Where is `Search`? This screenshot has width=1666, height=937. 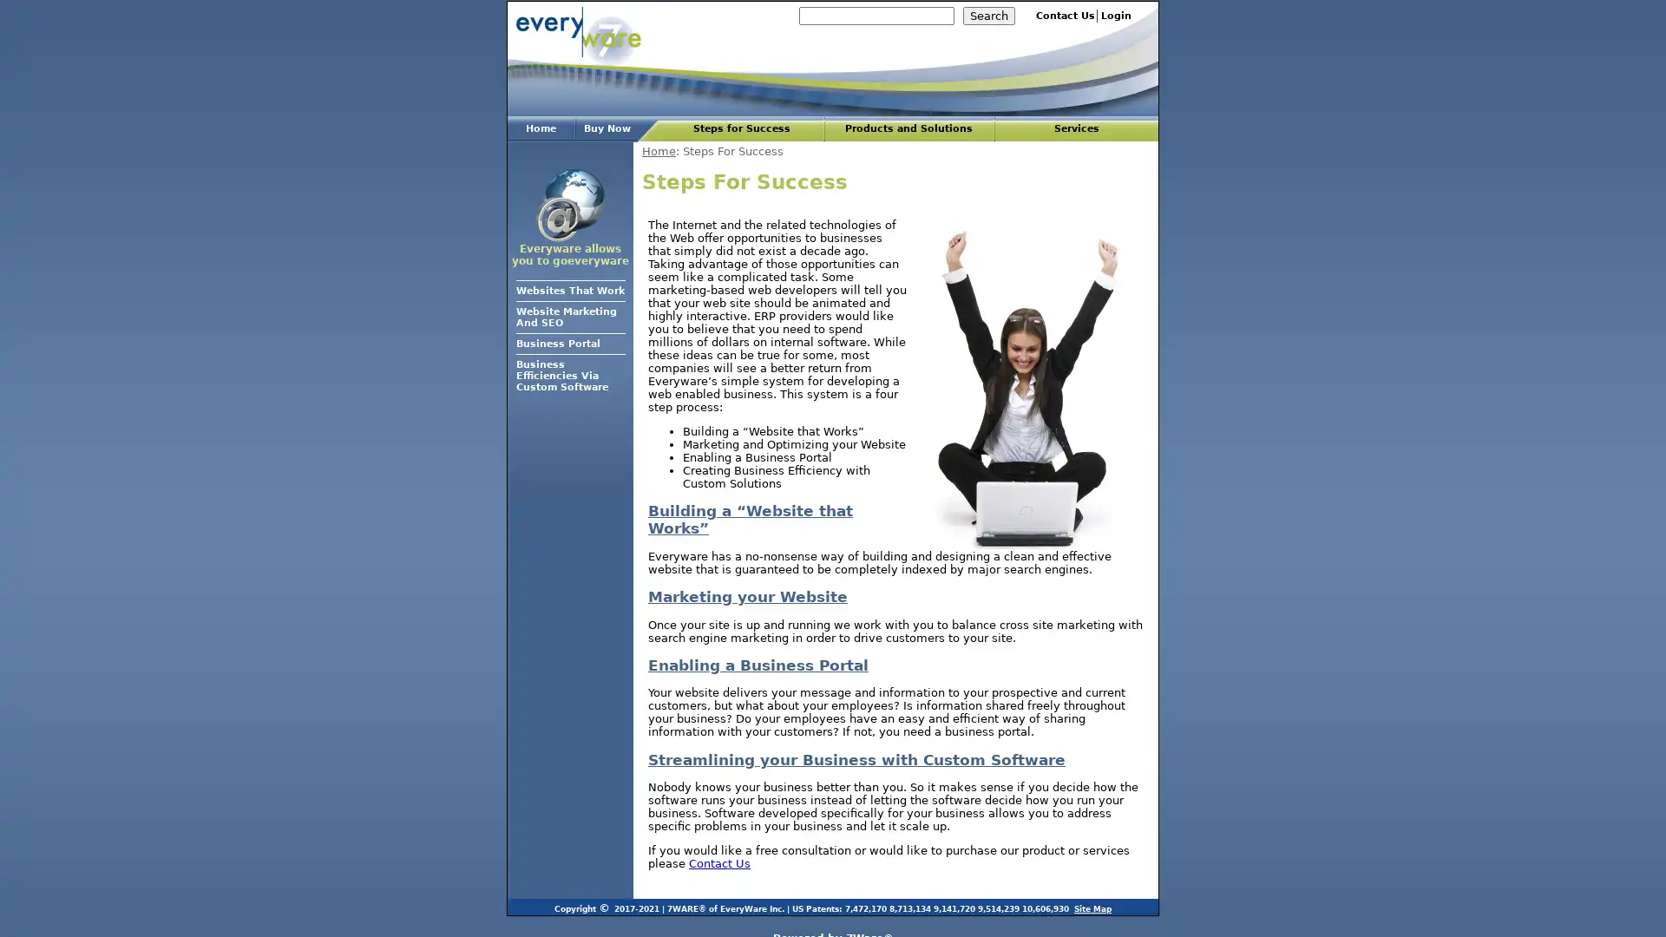 Search is located at coordinates (989, 16).